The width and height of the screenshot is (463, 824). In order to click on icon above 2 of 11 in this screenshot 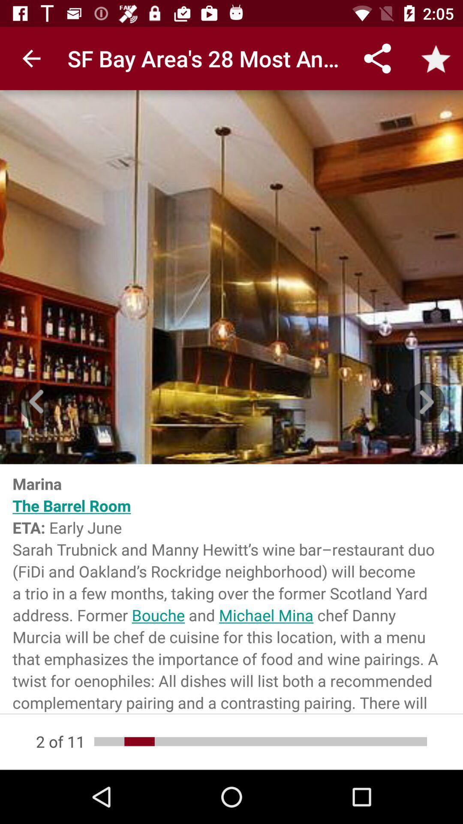, I will do `click(231, 588)`.